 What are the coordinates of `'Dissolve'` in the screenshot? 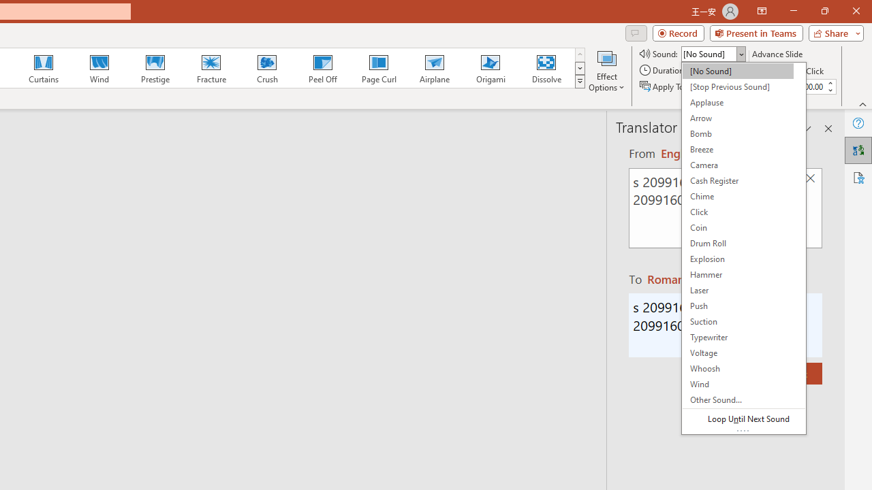 It's located at (546, 68).